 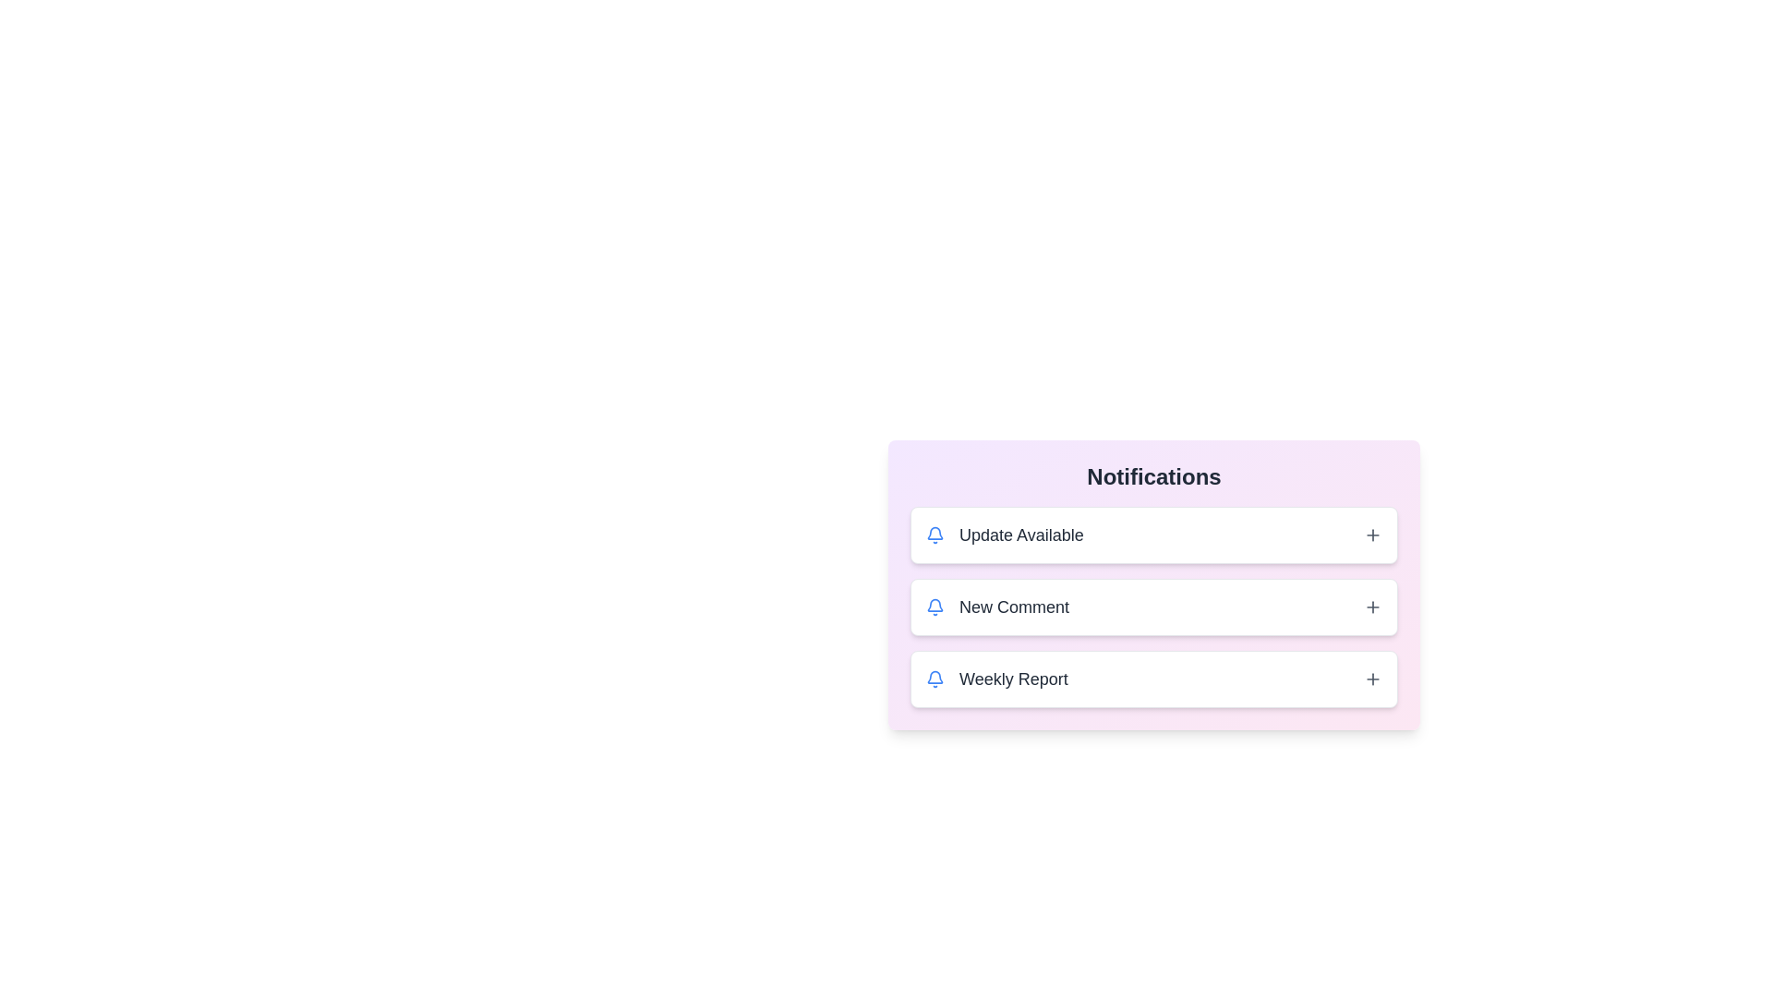 What do you see at coordinates (1152, 535) in the screenshot?
I see `the notification titled 'Update Available'` at bounding box center [1152, 535].